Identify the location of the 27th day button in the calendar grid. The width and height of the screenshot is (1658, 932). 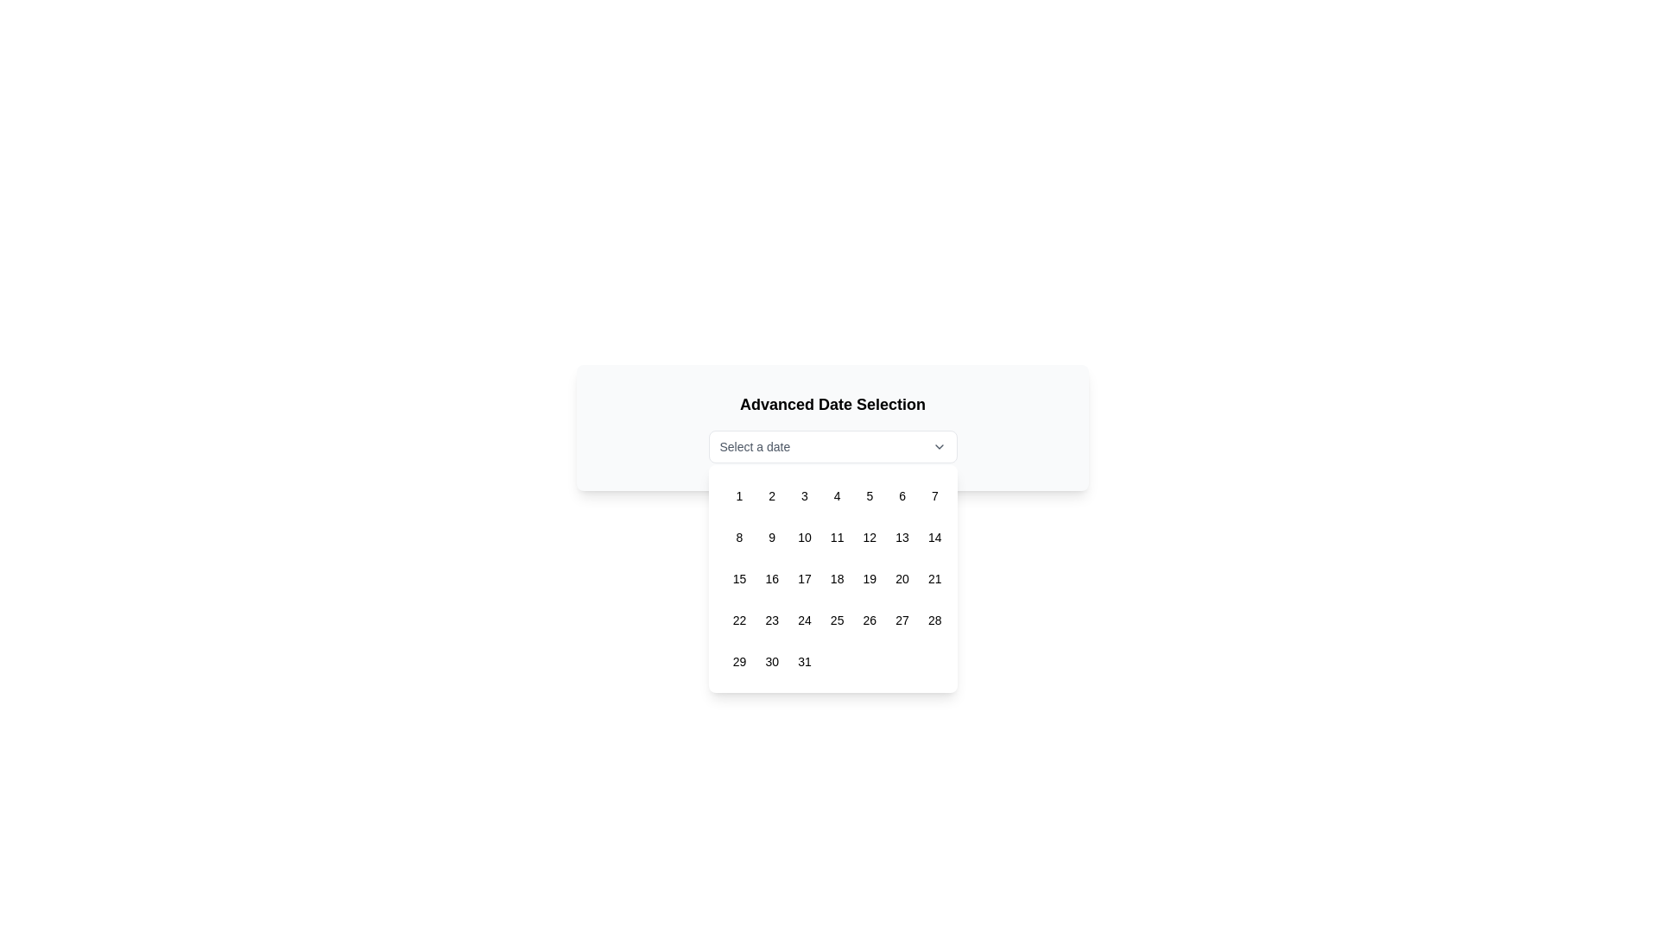
(902, 619).